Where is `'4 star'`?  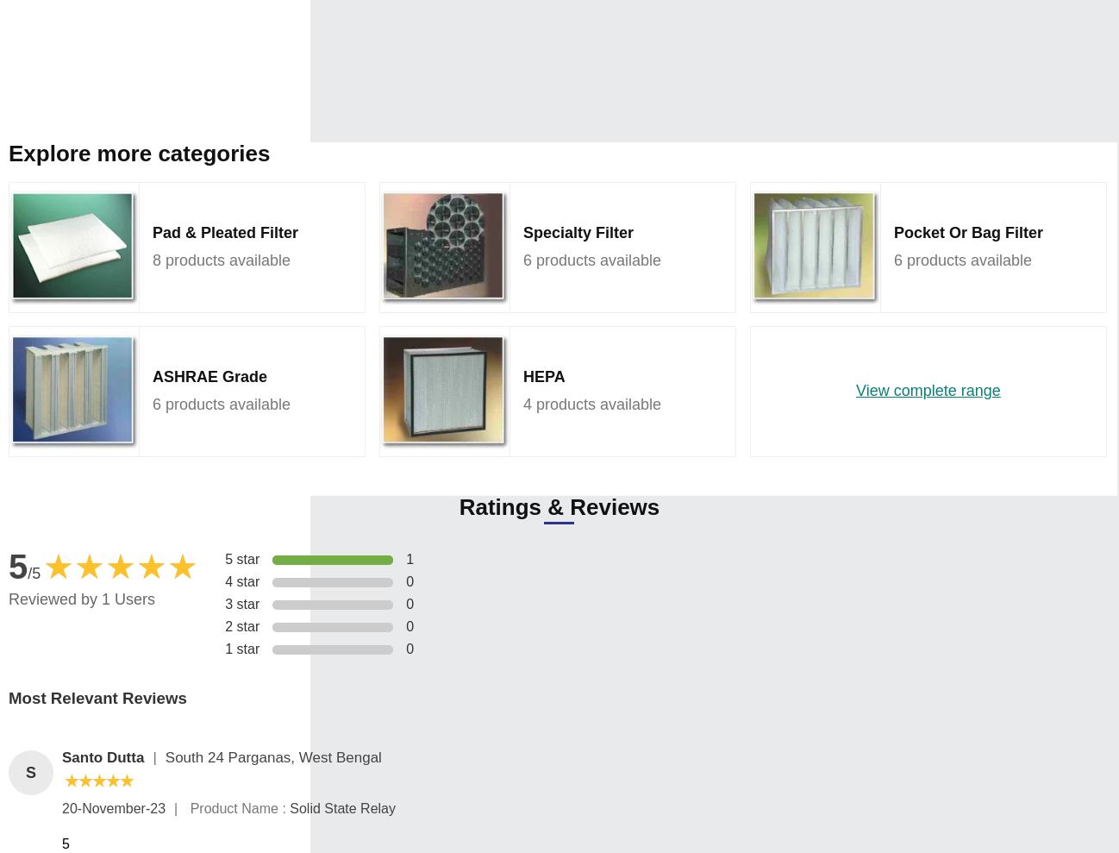 '4 star' is located at coordinates (224, 580).